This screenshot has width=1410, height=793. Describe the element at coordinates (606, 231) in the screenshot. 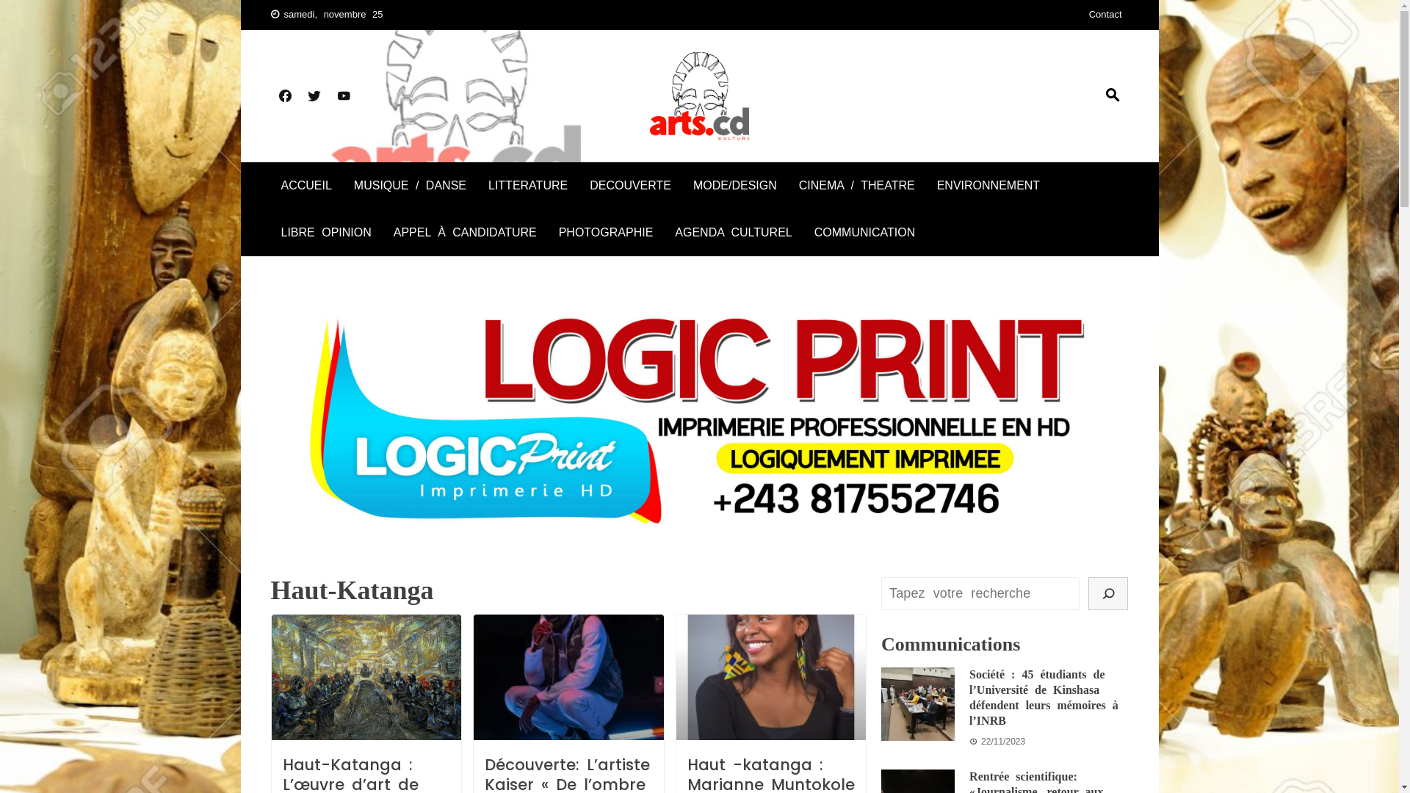

I see `'PHOTOGRAPHIE'` at that location.